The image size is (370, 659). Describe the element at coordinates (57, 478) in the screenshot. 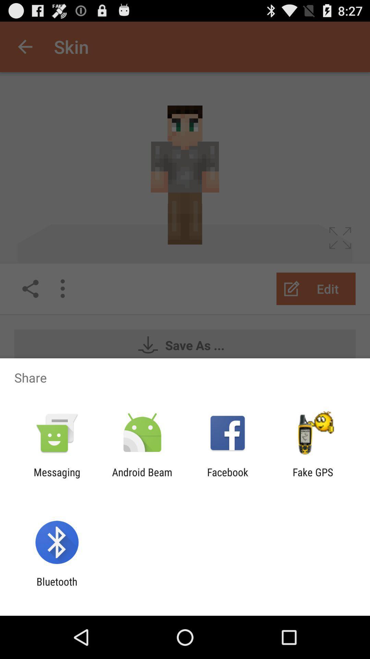

I see `the messaging app` at that location.